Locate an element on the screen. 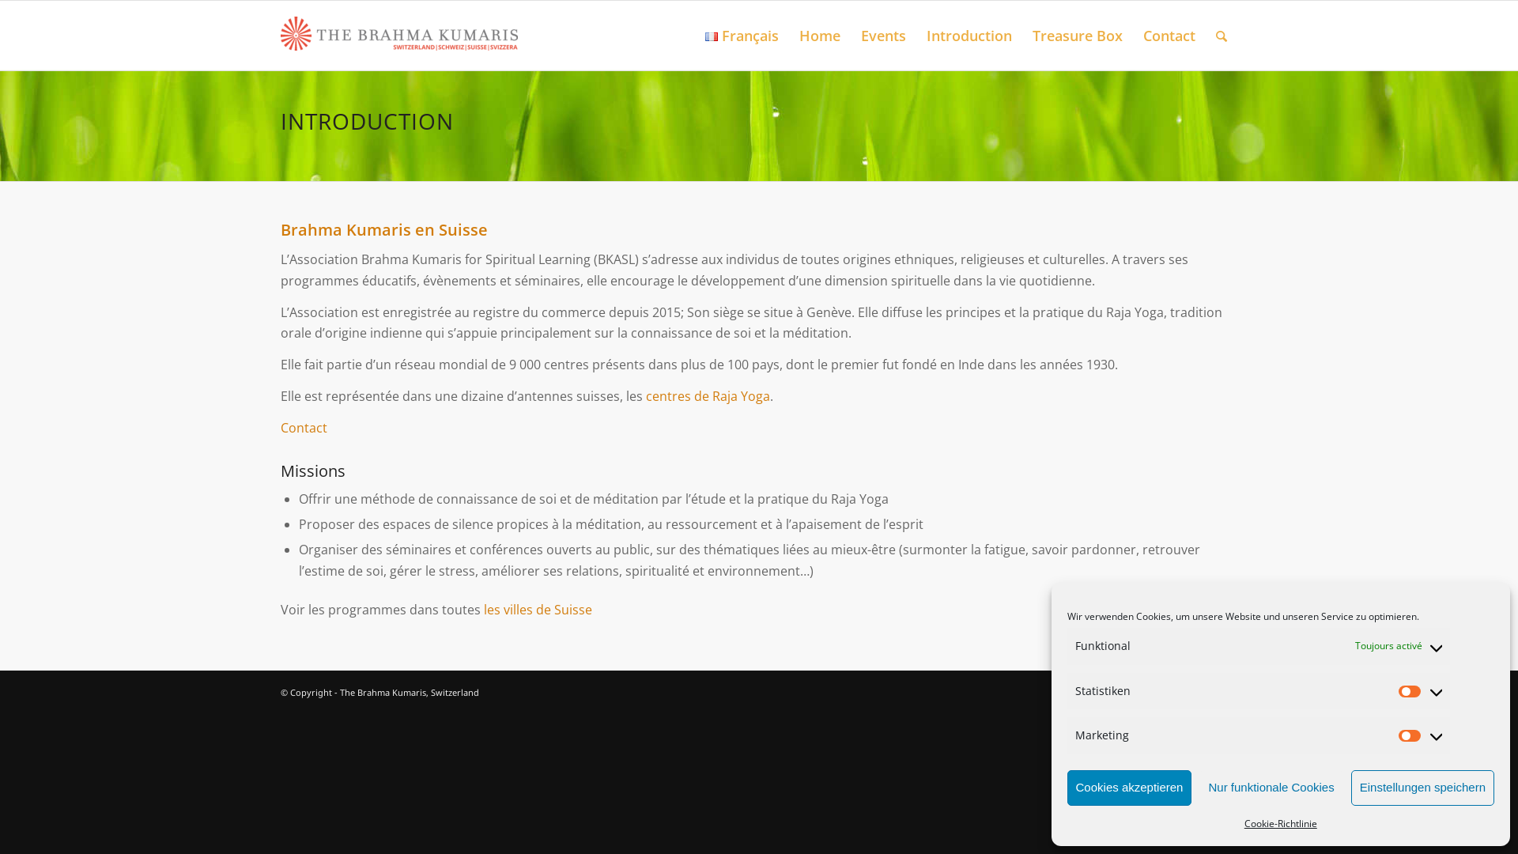 The height and width of the screenshot is (854, 1518). 'les villes de Suisse' is located at coordinates (538, 609).